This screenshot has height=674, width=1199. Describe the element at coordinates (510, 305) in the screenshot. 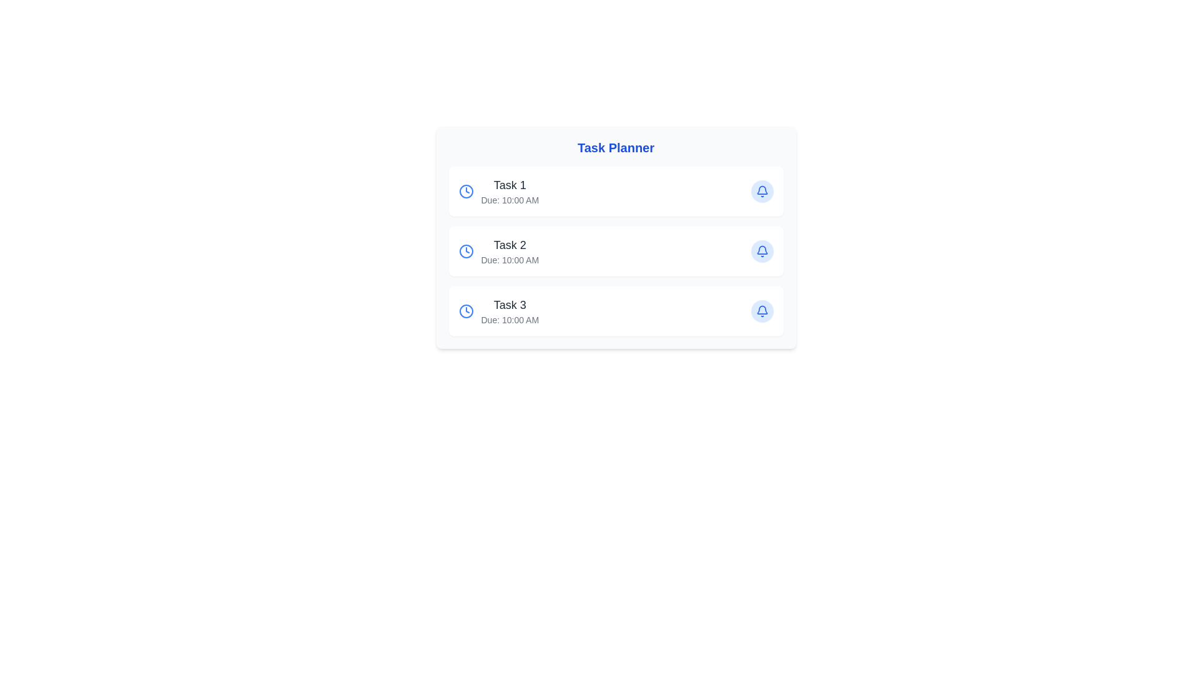

I see `the static text label that represents the title of the third task in the task list, which is centrally aligned in the box for 'Task 3'` at that location.